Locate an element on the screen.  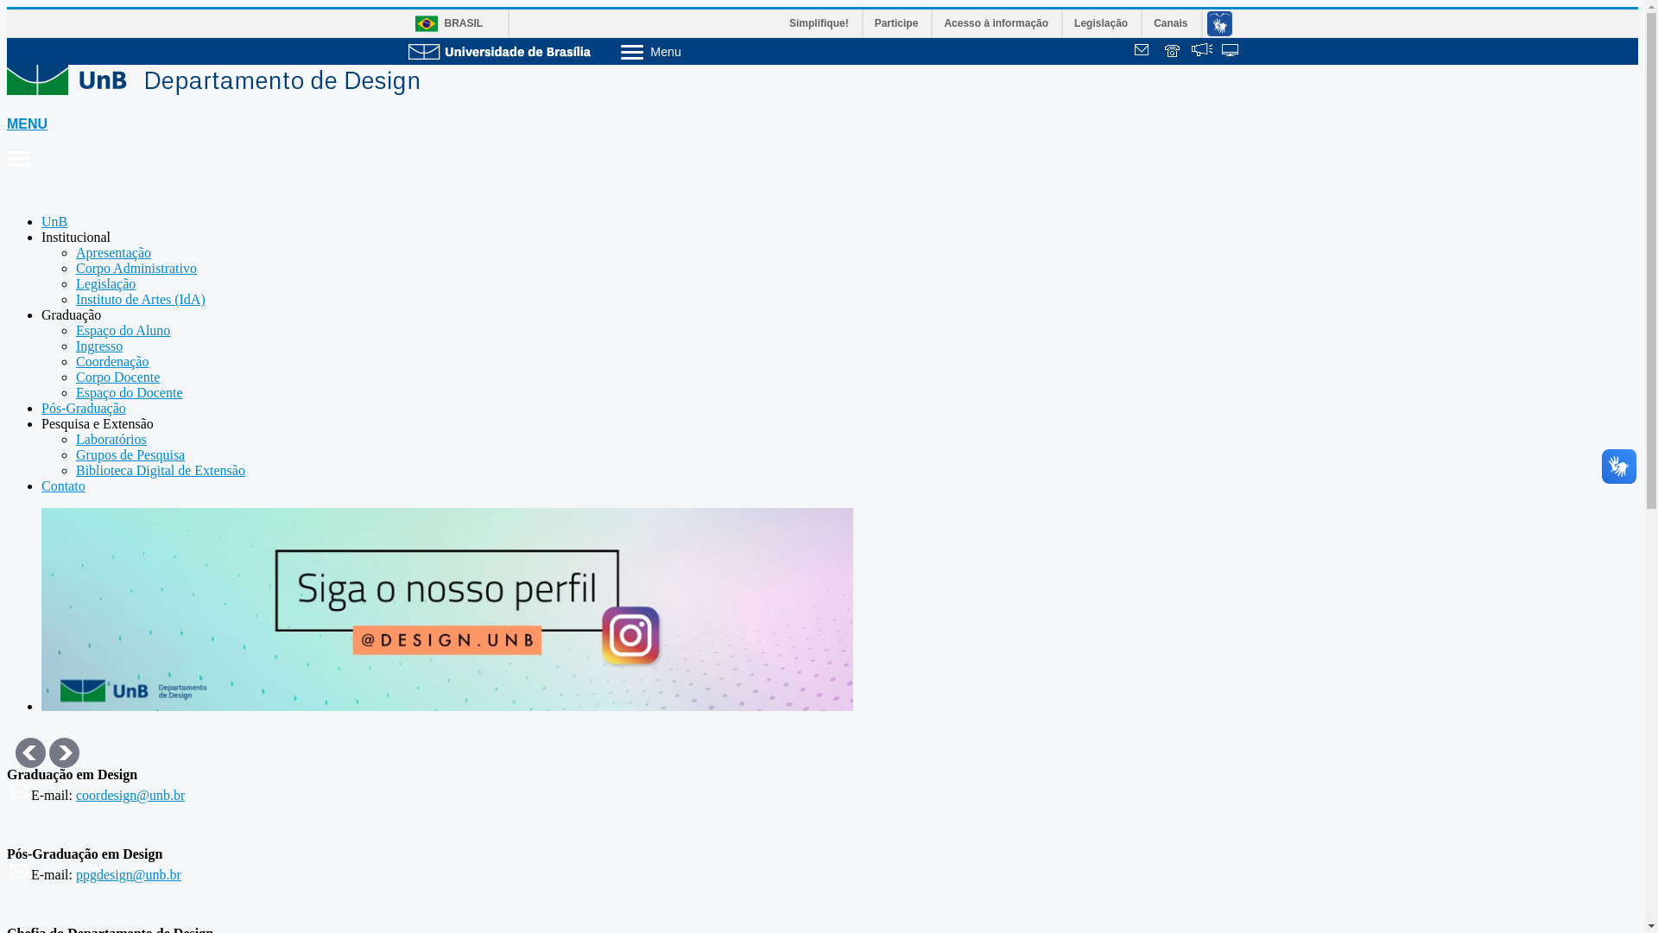
'Ir para o Portal da UnB' is located at coordinates (498, 49).